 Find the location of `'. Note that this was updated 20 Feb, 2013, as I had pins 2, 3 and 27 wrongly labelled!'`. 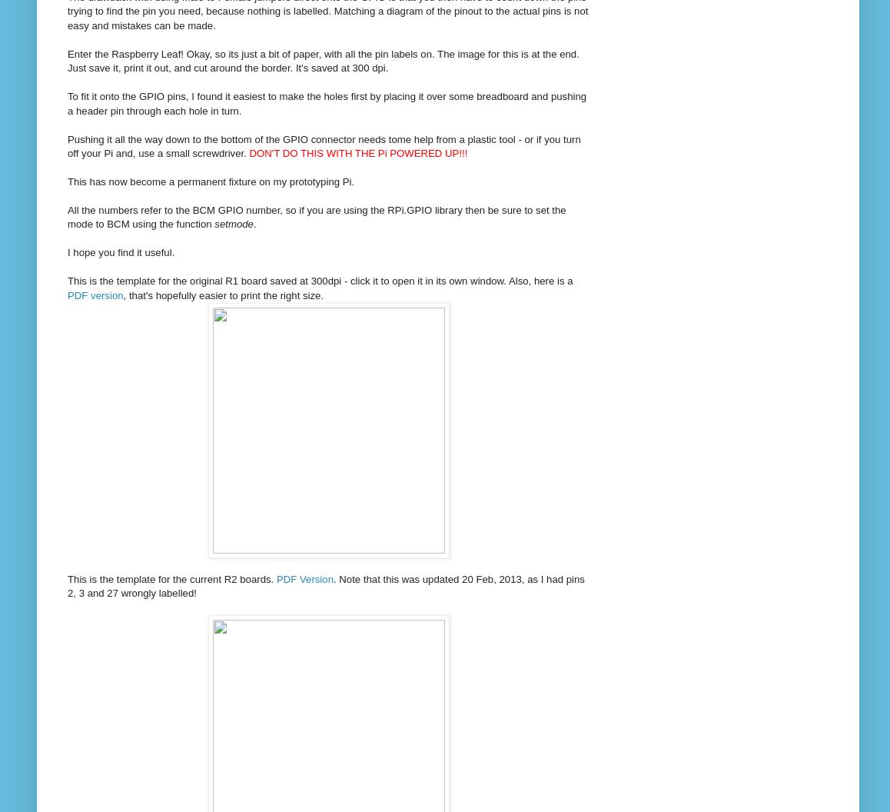

'. Note that this was updated 20 Feb, 2013, as I had pins 2, 3 and 27 wrongly labelled!' is located at coordinates (325, 585).